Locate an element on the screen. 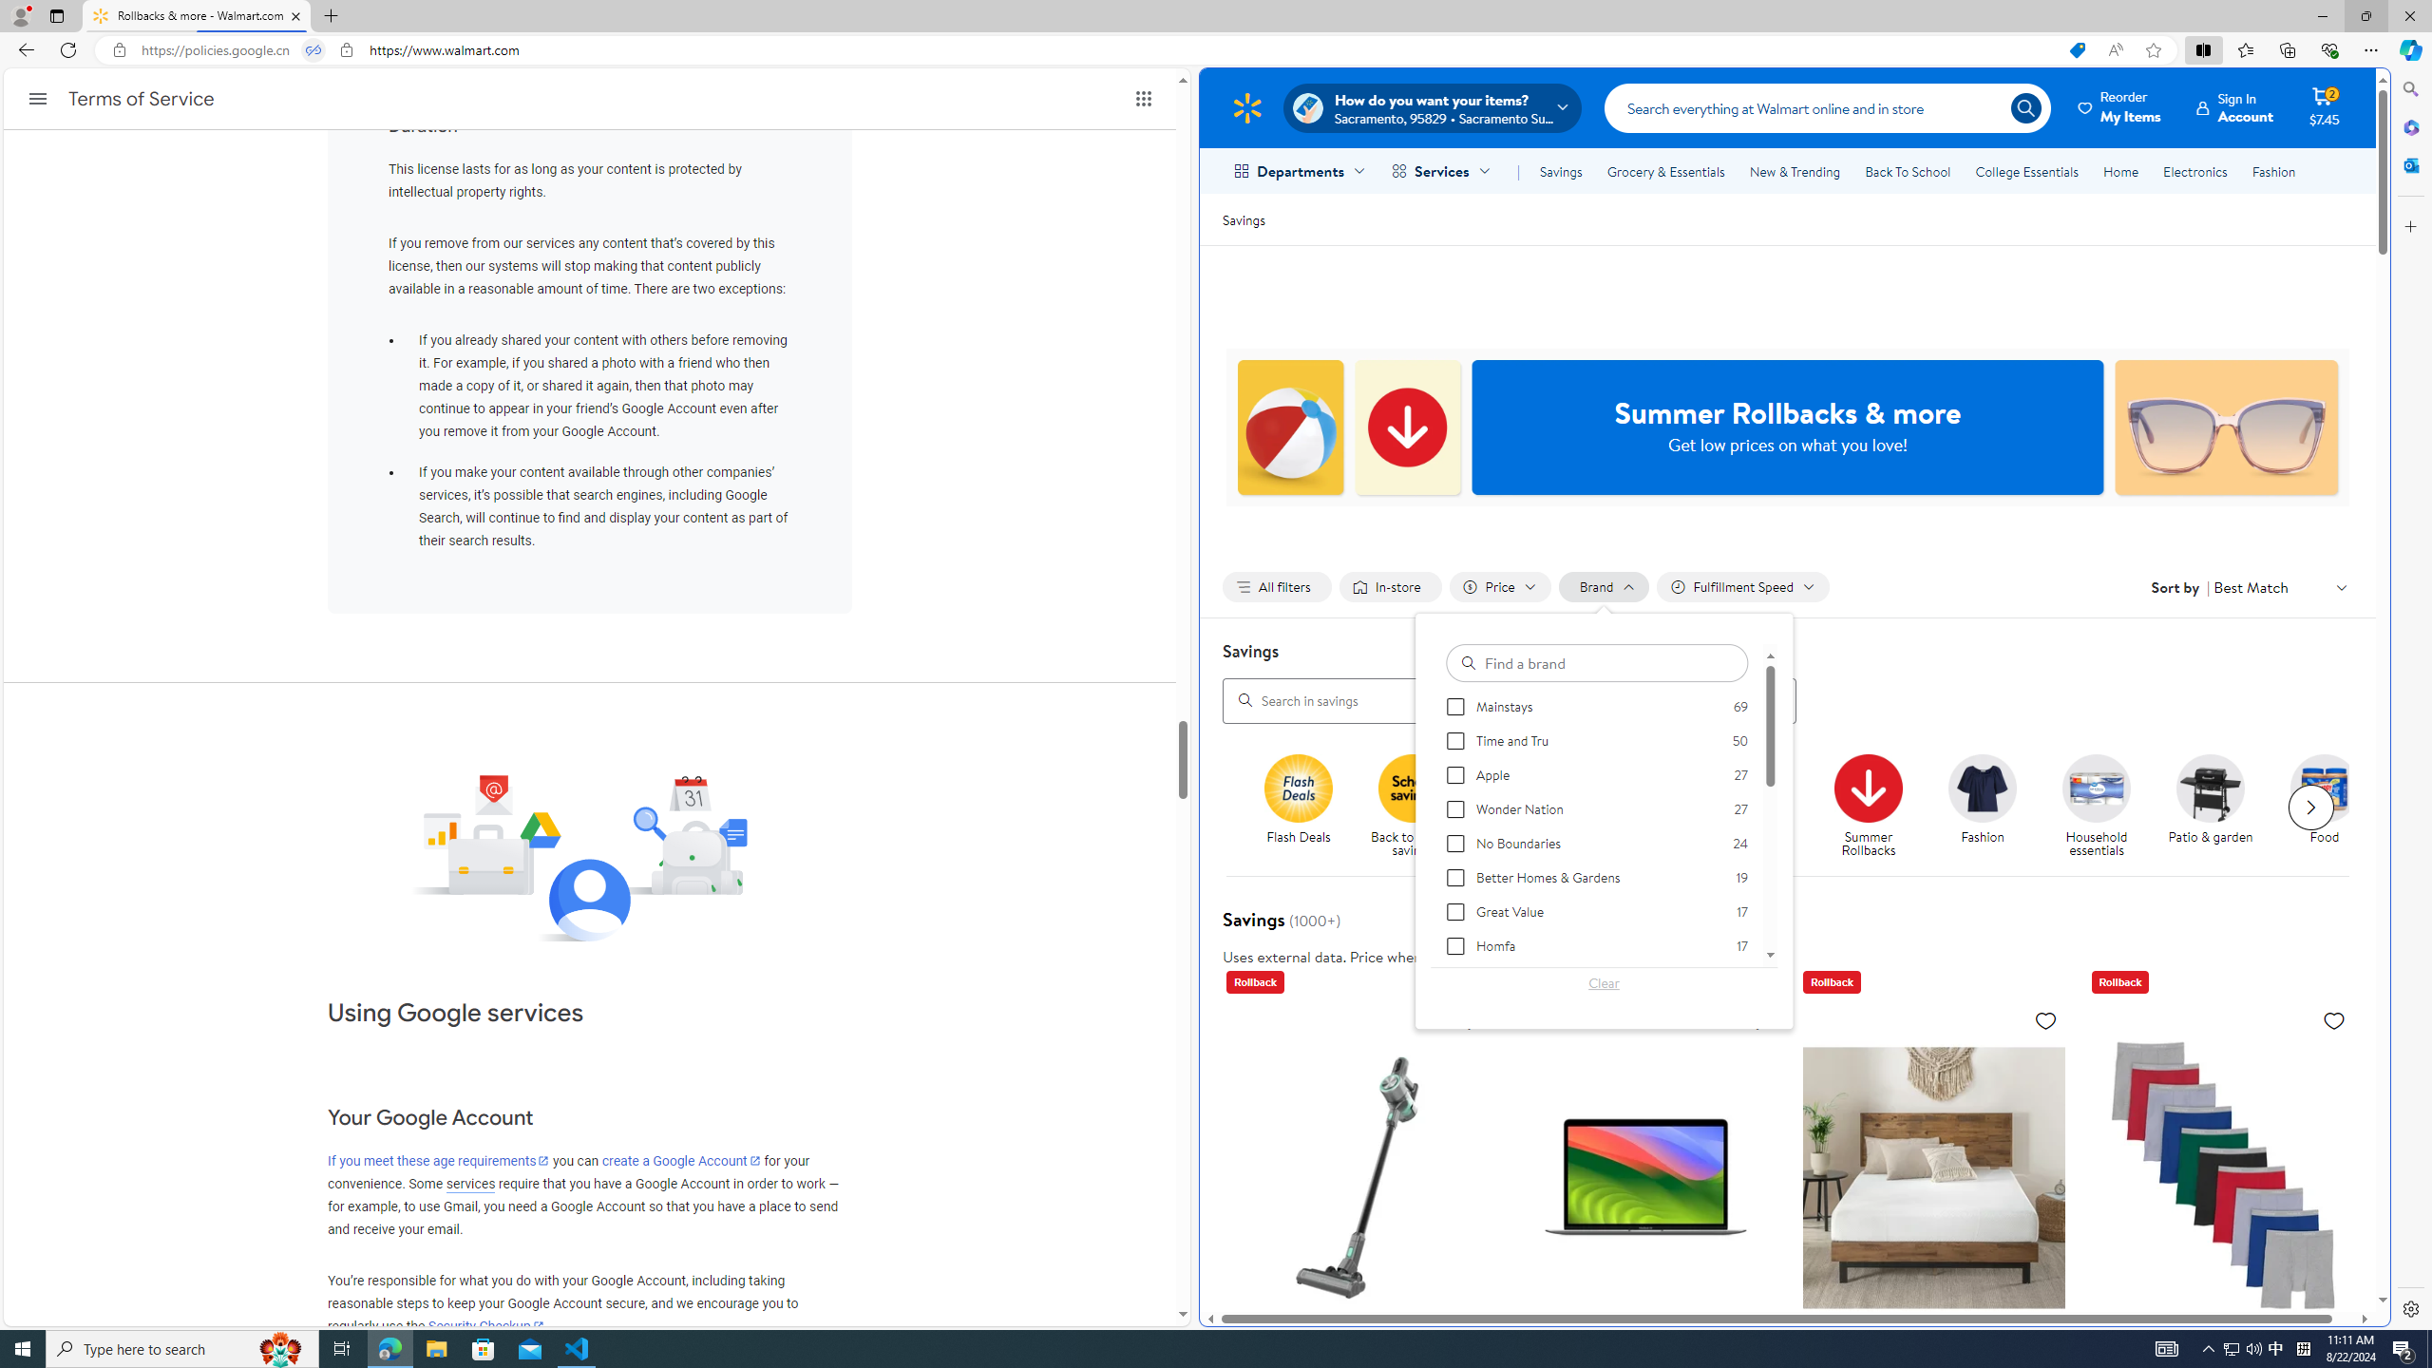  'Reorder My Items' is located at coordinates (2119, 106).